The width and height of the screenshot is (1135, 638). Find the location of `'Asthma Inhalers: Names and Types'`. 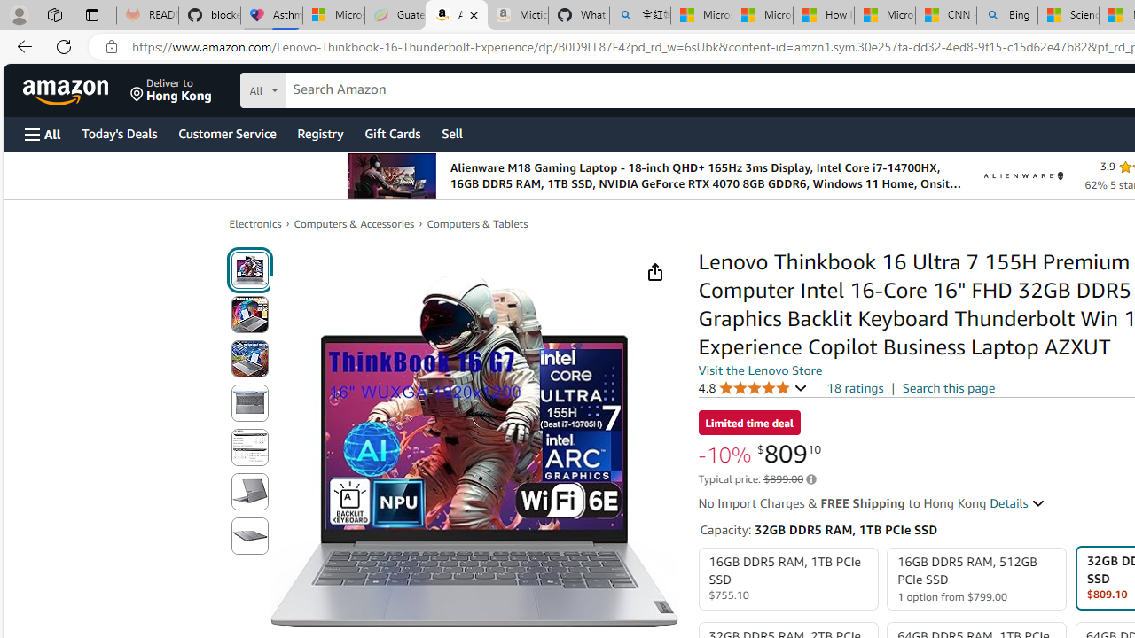

'Asthma Inhalers: Names and Types' is located at coordinates (270, 15).